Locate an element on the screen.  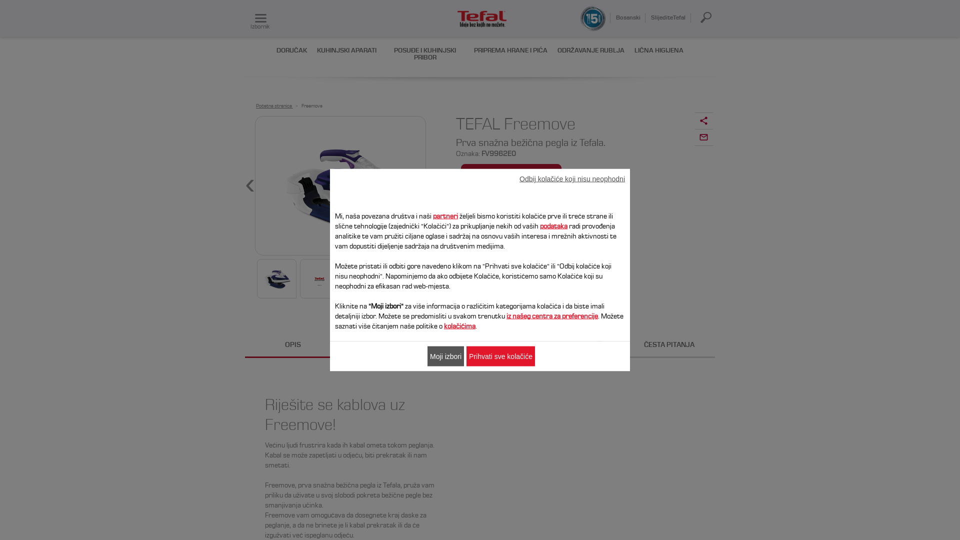
'podataka' is located at coordinates (553, 226).